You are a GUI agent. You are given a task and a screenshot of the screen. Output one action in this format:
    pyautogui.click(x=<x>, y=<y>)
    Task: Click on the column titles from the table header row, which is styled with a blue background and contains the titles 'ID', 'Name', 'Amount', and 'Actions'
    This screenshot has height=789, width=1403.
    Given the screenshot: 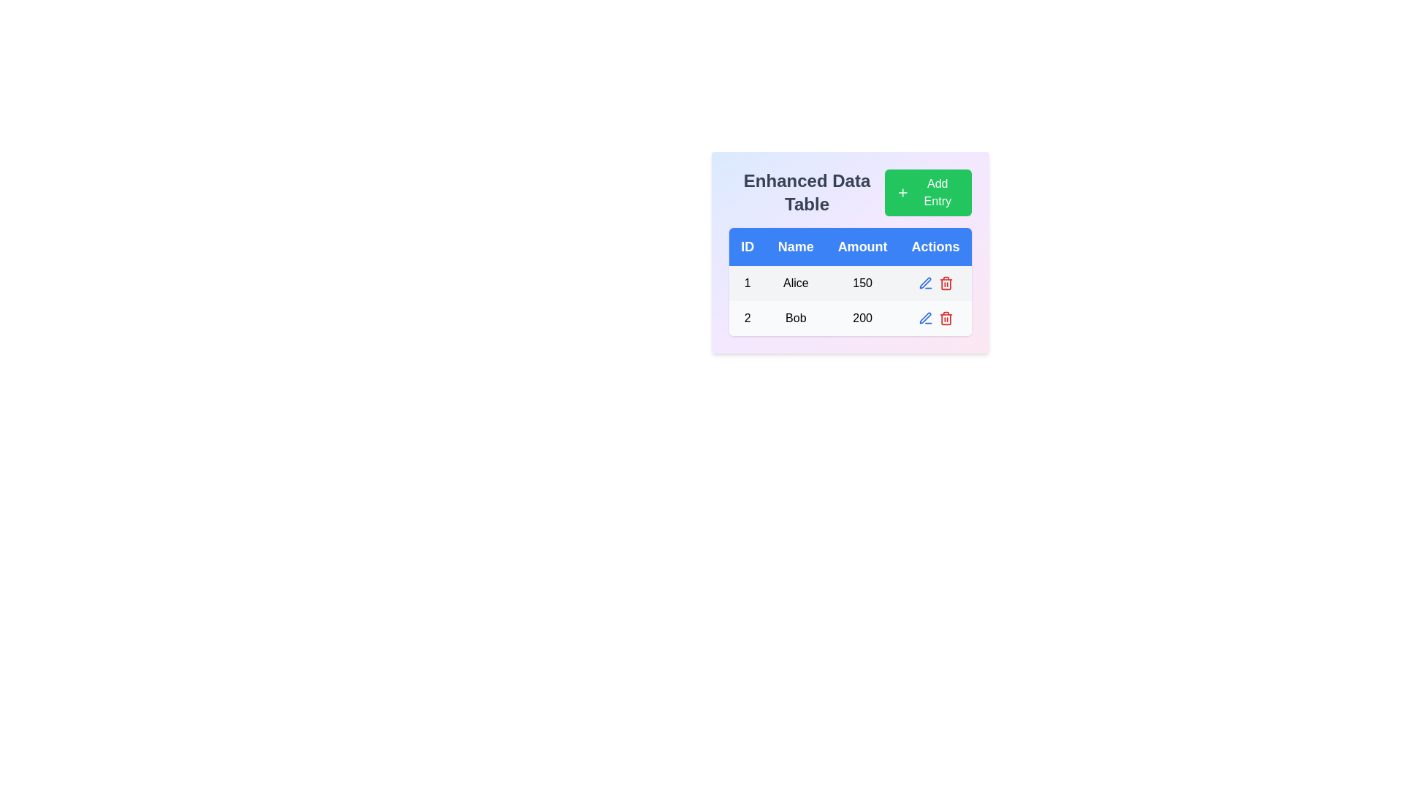 What is the action you would take?
    pyautogui.click(x=850, y=246)
    